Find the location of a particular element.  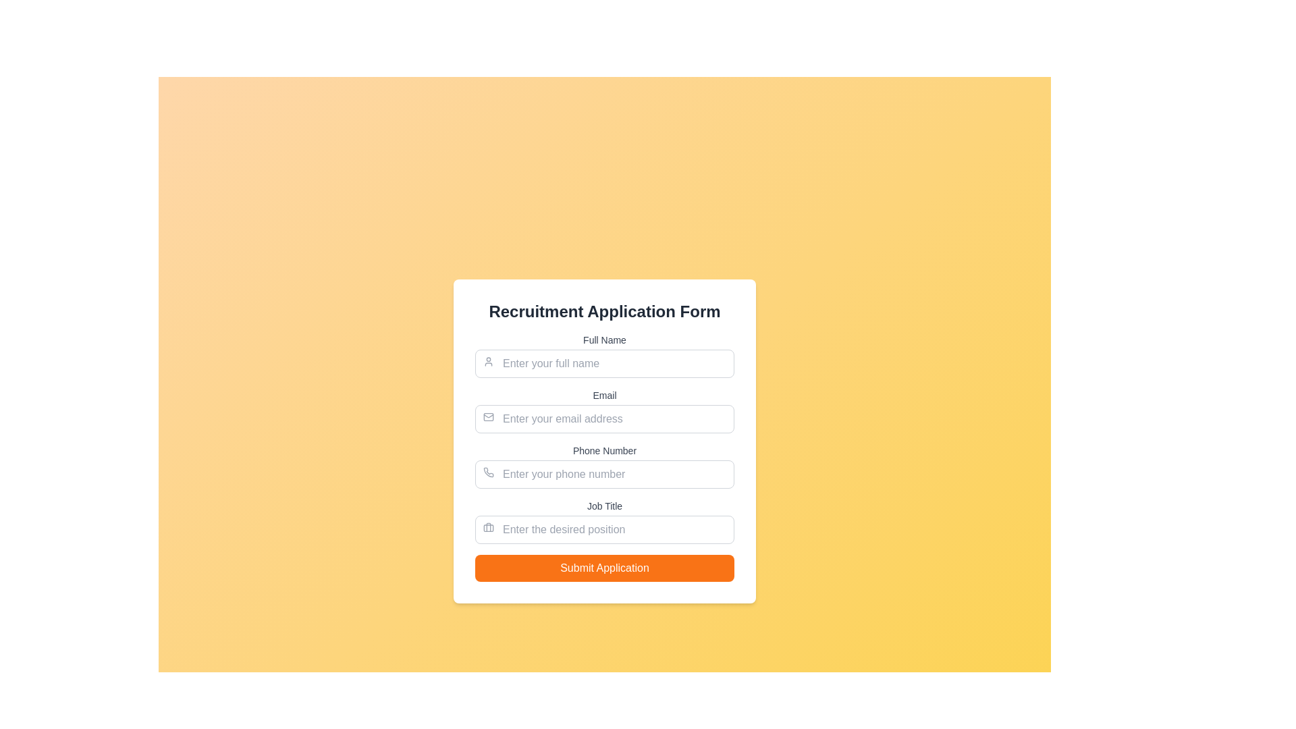

the 'Full Name' text label, which is a small, gray-colored font situated above the input field for entering names is located at coordinates (604, 340).